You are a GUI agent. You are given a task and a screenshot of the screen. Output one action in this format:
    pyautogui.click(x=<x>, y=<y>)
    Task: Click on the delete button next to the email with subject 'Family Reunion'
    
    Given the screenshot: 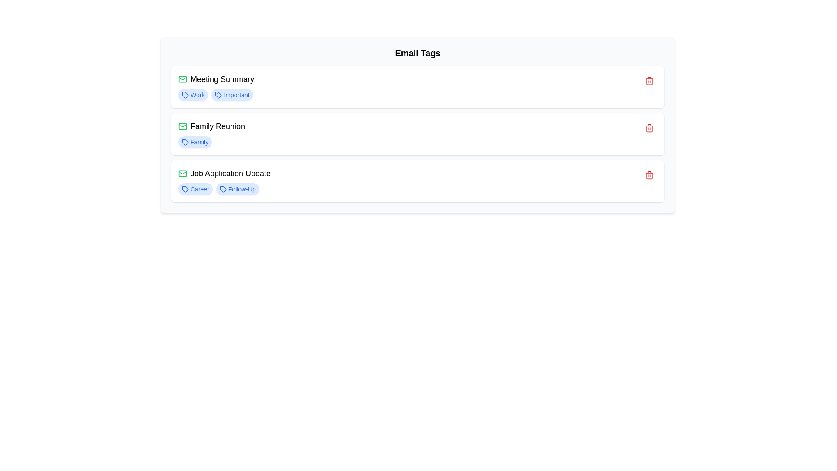 What is the action you would take?
    pyautogui.click(x=649, y=128)
    